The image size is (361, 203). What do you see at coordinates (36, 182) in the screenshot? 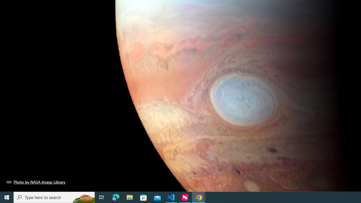
I see `'Photo by NASA Image Library'` at bounding box center [36, 182].